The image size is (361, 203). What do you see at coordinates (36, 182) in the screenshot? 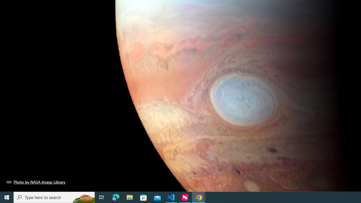
I see `'Photo by NASA Image Library'` at bounding box center [36, 182].